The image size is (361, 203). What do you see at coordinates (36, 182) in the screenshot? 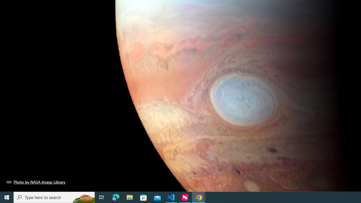
I see `'Photo by NASA Image Library'` at bounding box center [36, 182].